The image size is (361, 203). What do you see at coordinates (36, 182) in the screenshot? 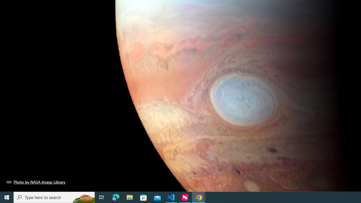
I see `'Photo by NASA Image Library'` at bounding box center [36, 182].